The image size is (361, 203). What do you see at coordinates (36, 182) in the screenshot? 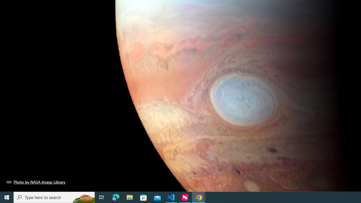
I see `'Photo by NASA Image Library'` at bounding box center [36, 182].